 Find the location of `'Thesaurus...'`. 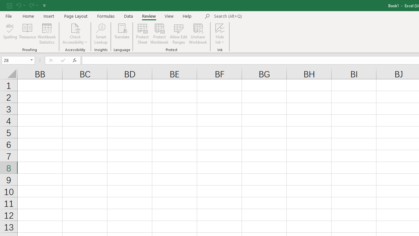

'Thesaurus...' is located at coordinates (27, 34).